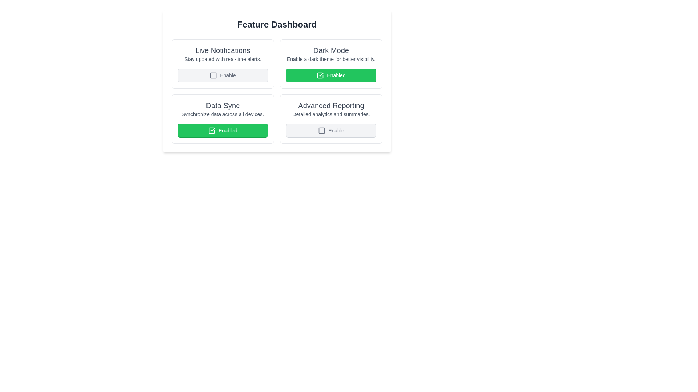 Image resolution: width=698 pixels, height=392 pixels. I want to click on the Text Label that provides a title and description for the Advanced Reporting feature located in the bottom-right section of the interface under the Feature Dashboard heading, so click(331, 109).